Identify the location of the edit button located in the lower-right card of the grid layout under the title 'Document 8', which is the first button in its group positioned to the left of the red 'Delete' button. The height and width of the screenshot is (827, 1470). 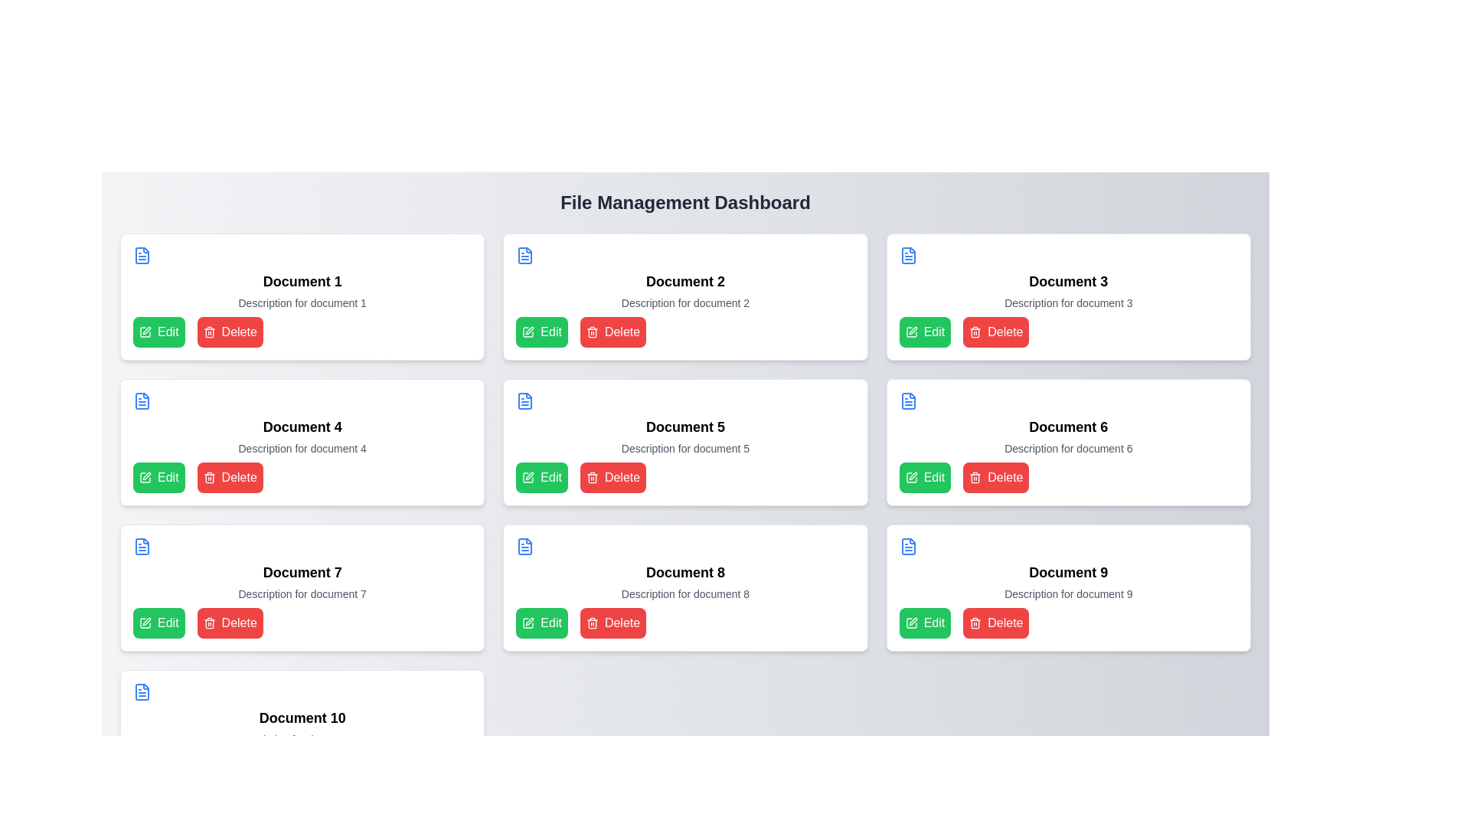
(542, 623).